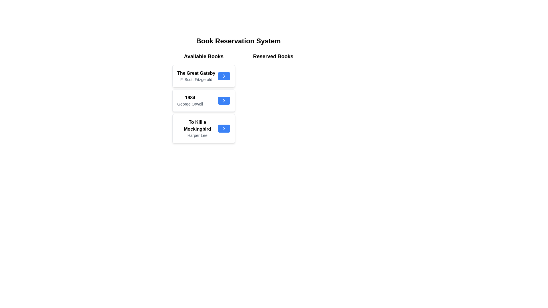 This screenshot has height=308, width=548. I want to click on the text label indicating the author of the book 'To Kill a Mockingbird', located below the title within the card for that book, so click(197, 135).